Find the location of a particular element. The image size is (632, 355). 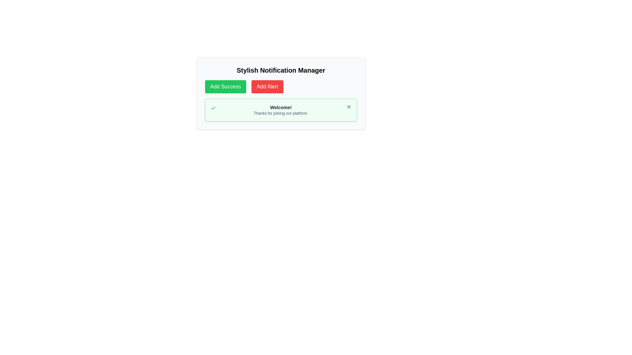

the Text block element that says 'Welcome!' in bold, located centrally within a green-tinted notification box is located at coordinates (281, 110).